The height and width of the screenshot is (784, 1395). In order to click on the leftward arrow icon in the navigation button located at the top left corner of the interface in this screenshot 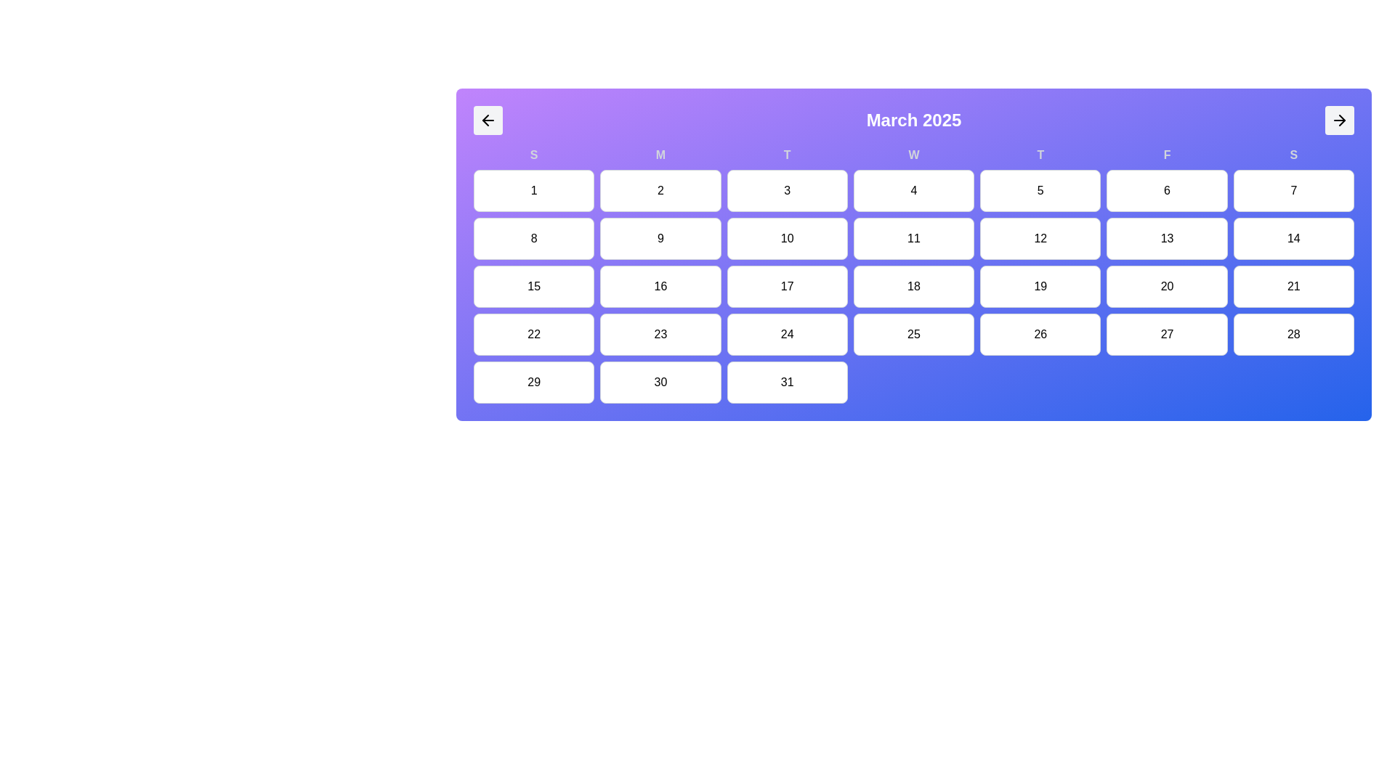, I will do `click(485, 119)`.